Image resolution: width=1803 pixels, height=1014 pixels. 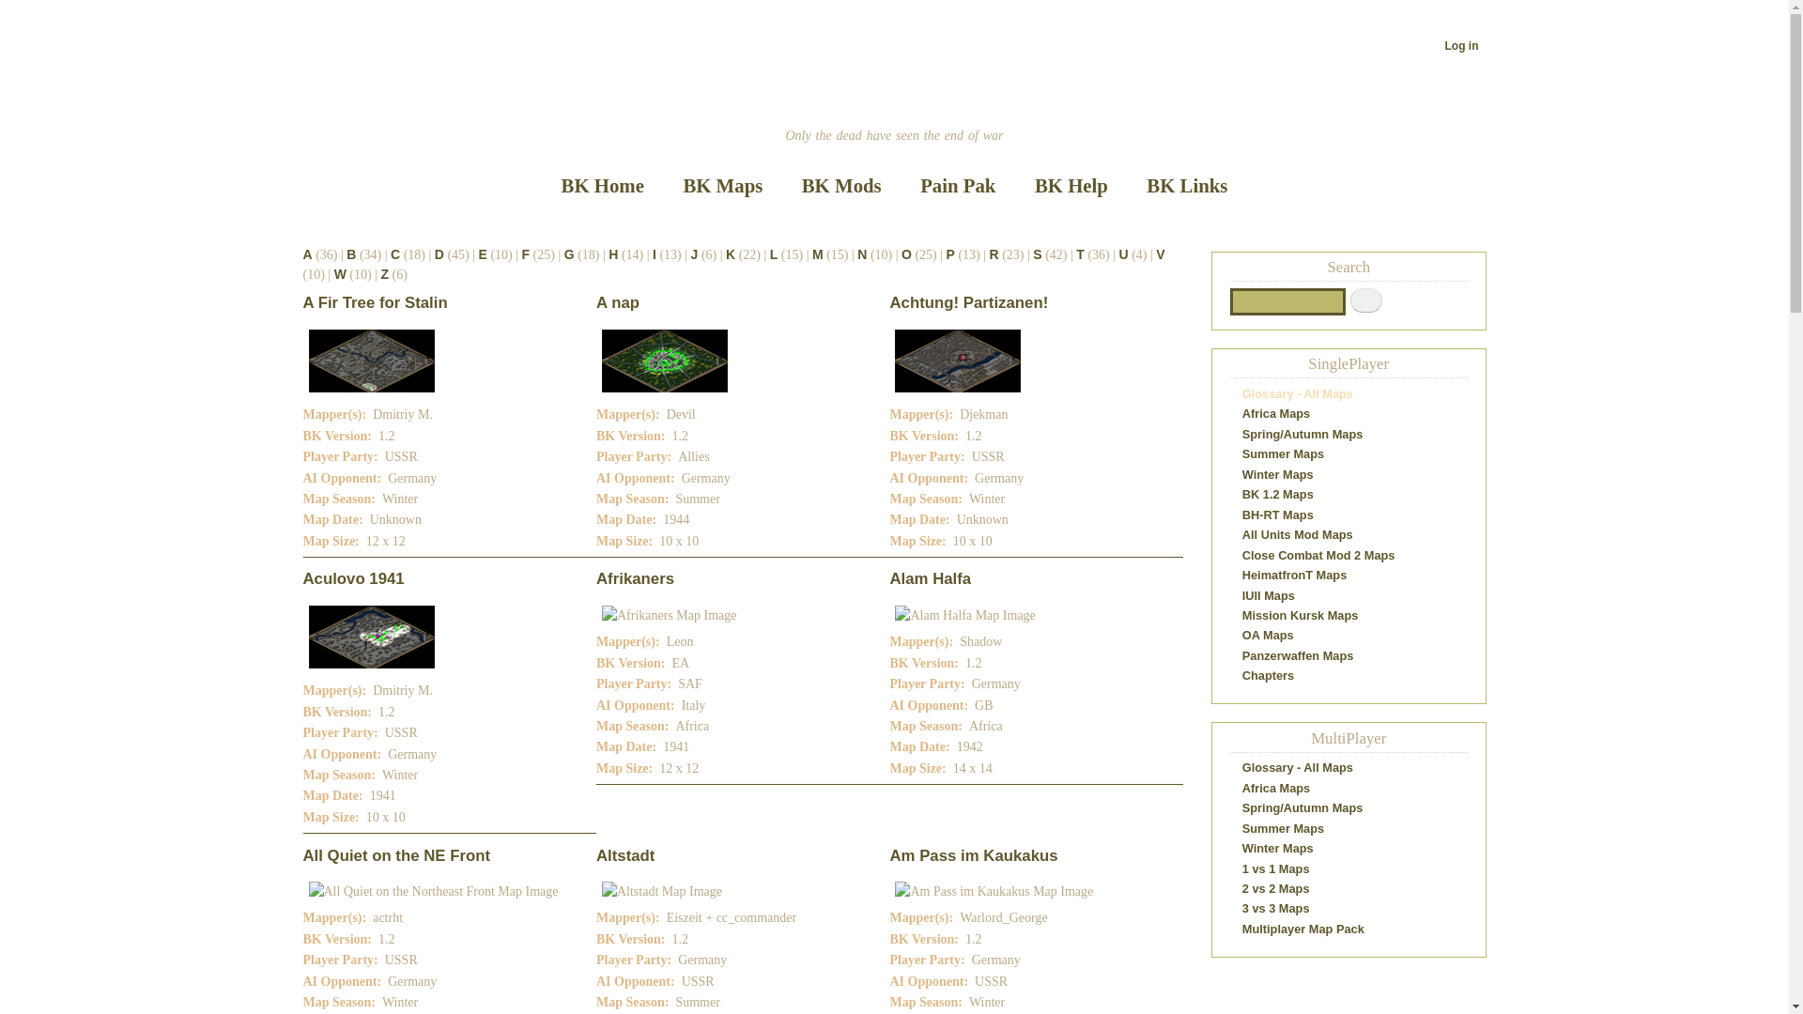 What do you see at coordinates (1277, 493) in the screenshot?
I see `'BK 1.2 Maps'` at bounding box center [1277, 493].